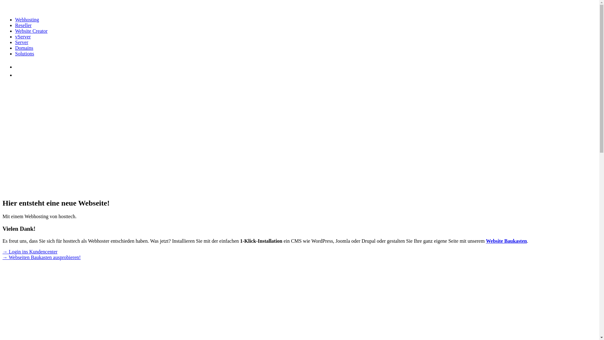 This screenshot has width=604, height=340. What do you see at coordinates (23, 37) in the screenshot?
I see `'vServer'` at bounding box center [23, 37].